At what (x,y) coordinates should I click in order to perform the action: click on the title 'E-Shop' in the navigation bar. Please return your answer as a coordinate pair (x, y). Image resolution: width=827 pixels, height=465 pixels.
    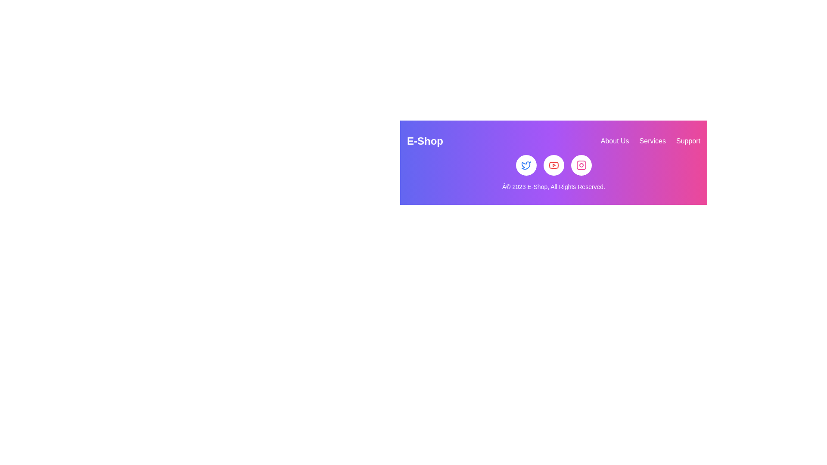
    Looking at the image, I should click on (553, 140).